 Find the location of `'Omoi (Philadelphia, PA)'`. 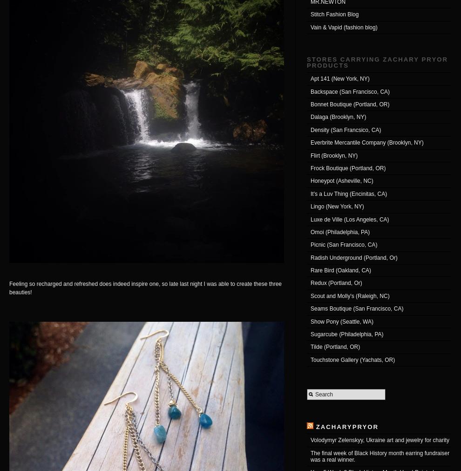

'Omoi (Philadelphia, PA)' is located at coordinates (339, 232).